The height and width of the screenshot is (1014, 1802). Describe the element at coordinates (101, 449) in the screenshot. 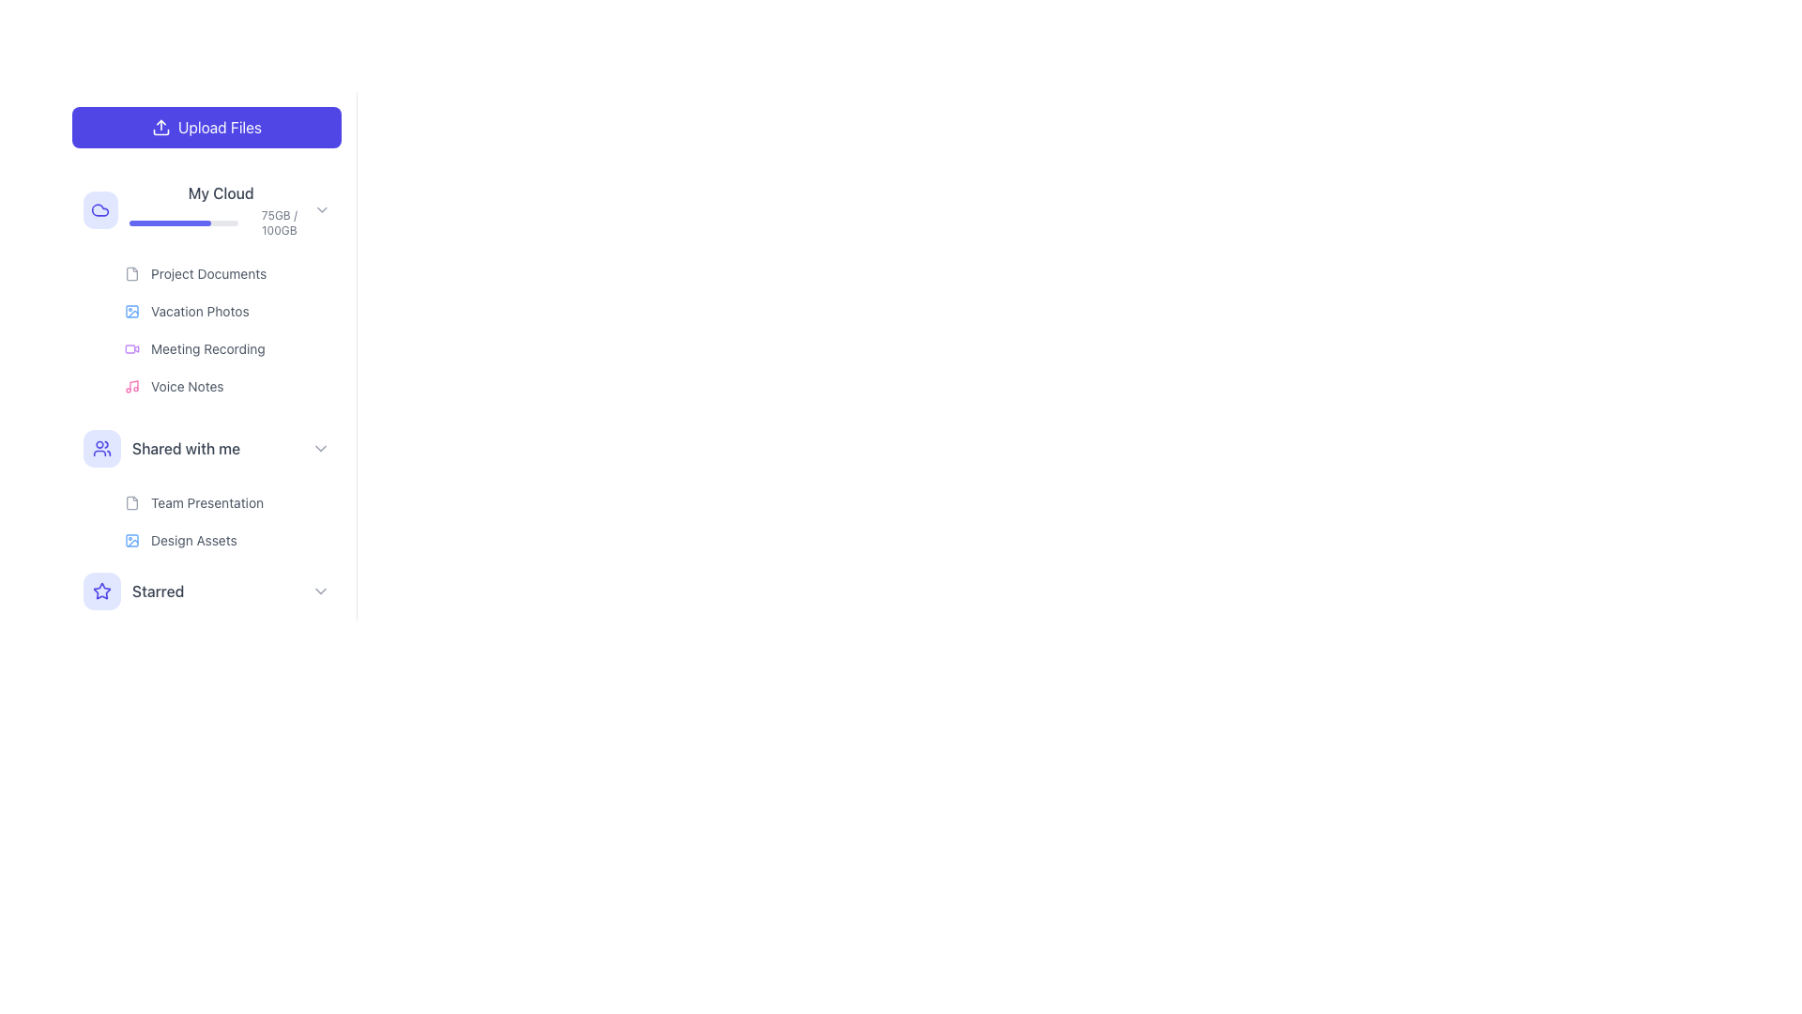

I see `the 'users' or 'group' icon under the 'Shared with me' section` at that location.